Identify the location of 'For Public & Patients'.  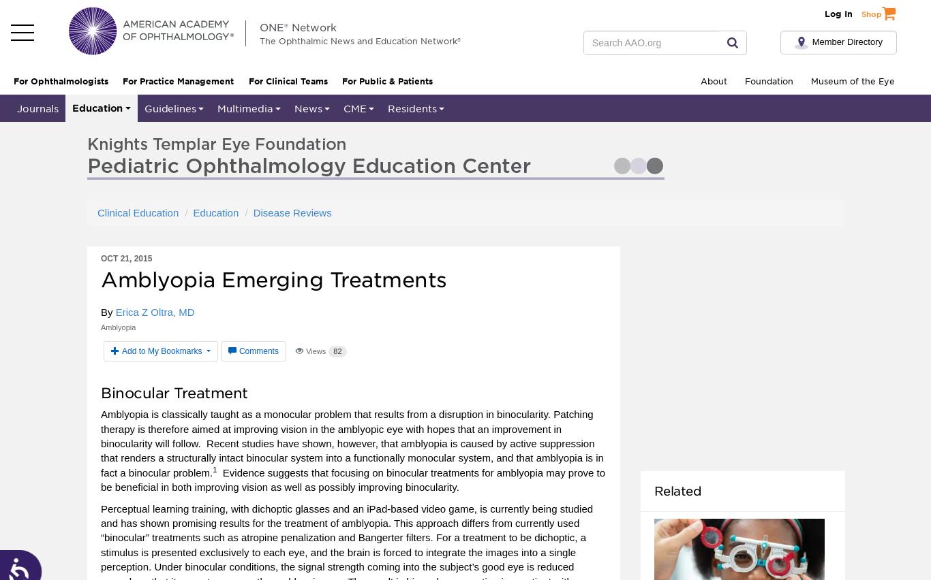
(387, 81).